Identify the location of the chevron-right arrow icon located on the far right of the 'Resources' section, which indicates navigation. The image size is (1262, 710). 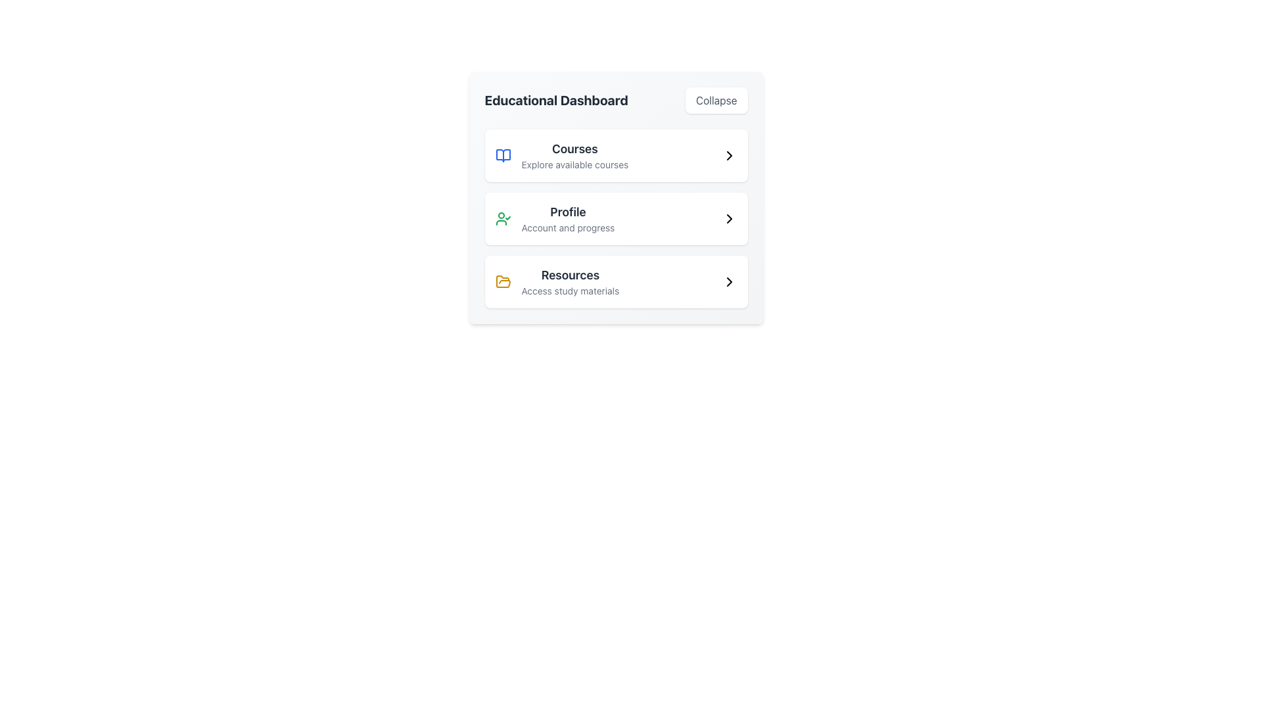
(728, 281).